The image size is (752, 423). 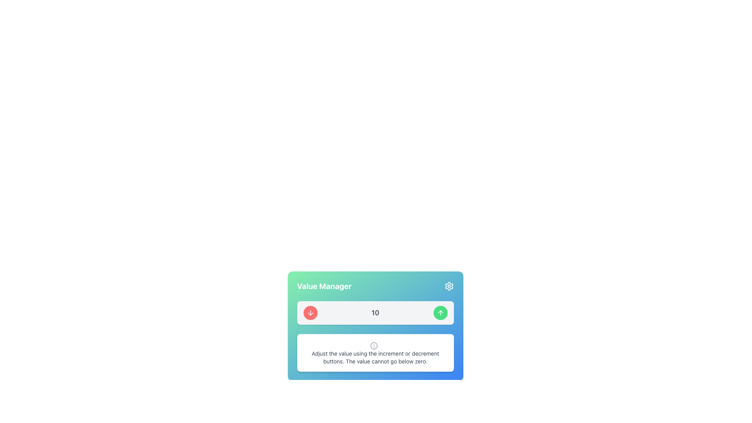 I want to click on the downward arrow SVG icon located inside the circular red button on the left side of the interactive section to decrement the value, so click(x=310, y=312).